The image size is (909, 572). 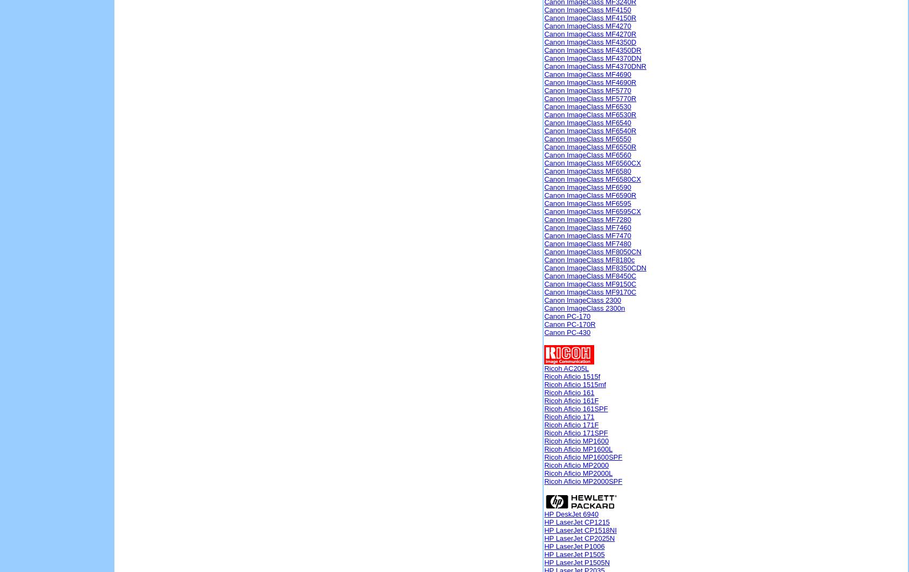 I want to click on 'Canon ImageClass MF4370DN', so click(x=593, y=58).